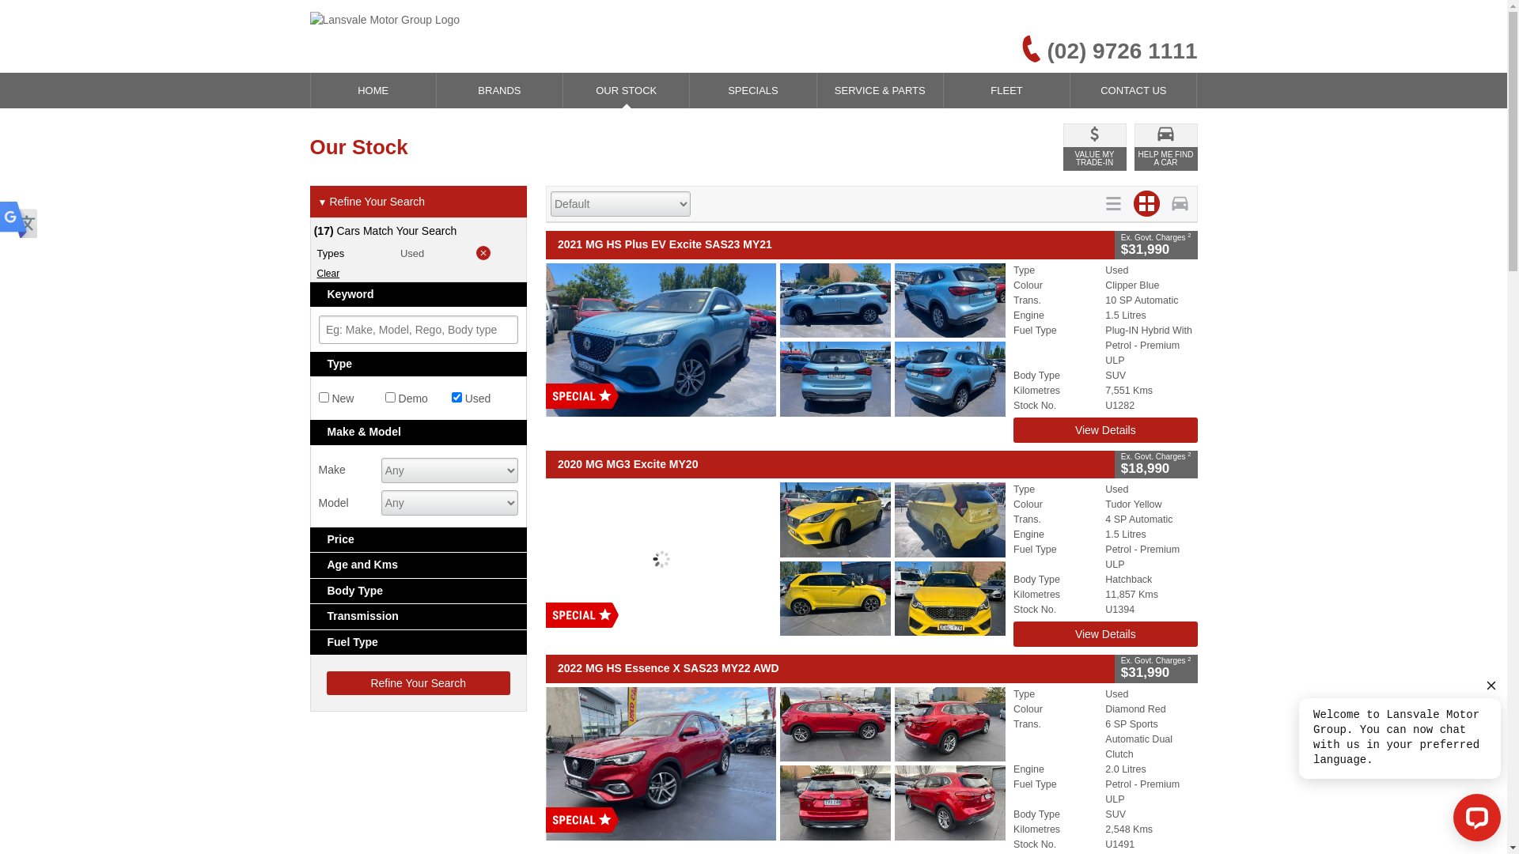 The image size is (1519, 854). I want to click on 'Keyword', so click(419, 294).